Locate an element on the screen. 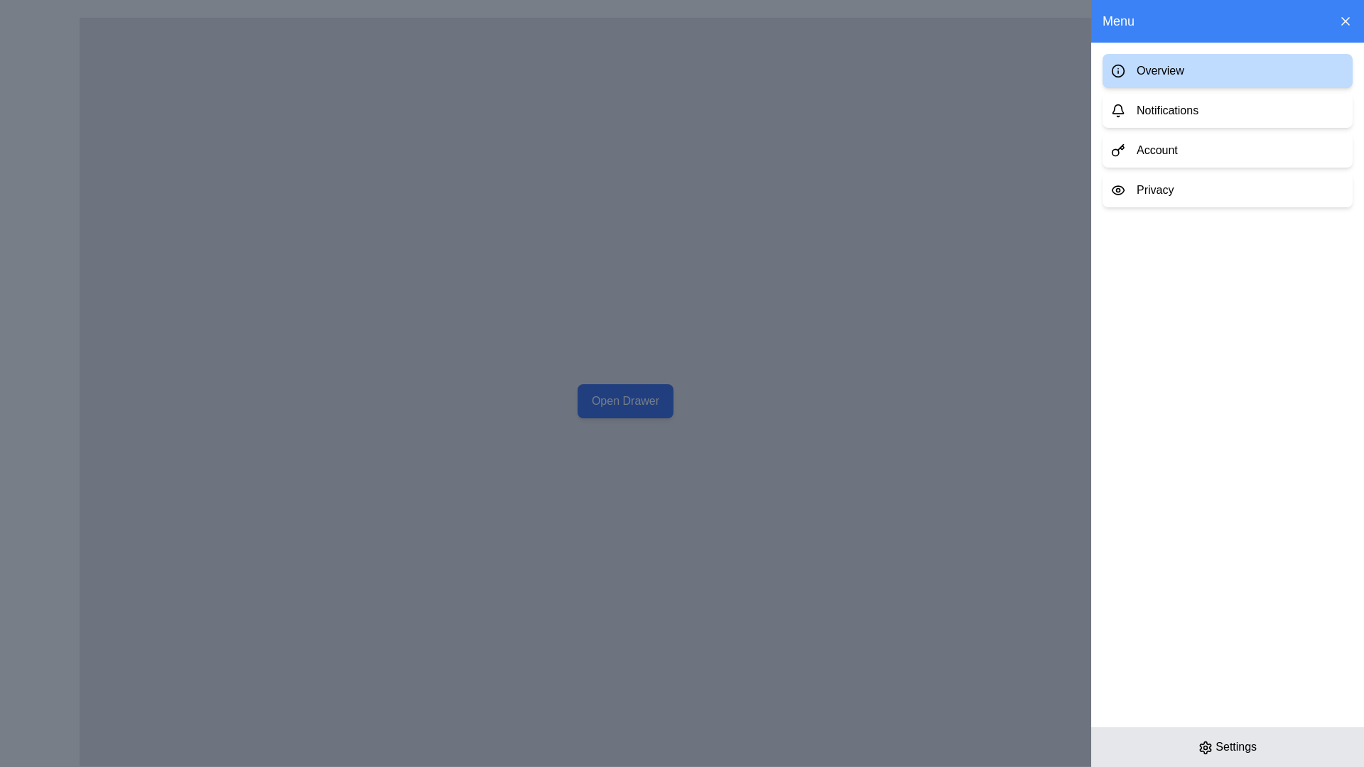 The image size is (1364, 767). the close button located on the far-right side of the blue menu bar labeled 'Menu' to change its styling is located at coordinates (1345, 21).